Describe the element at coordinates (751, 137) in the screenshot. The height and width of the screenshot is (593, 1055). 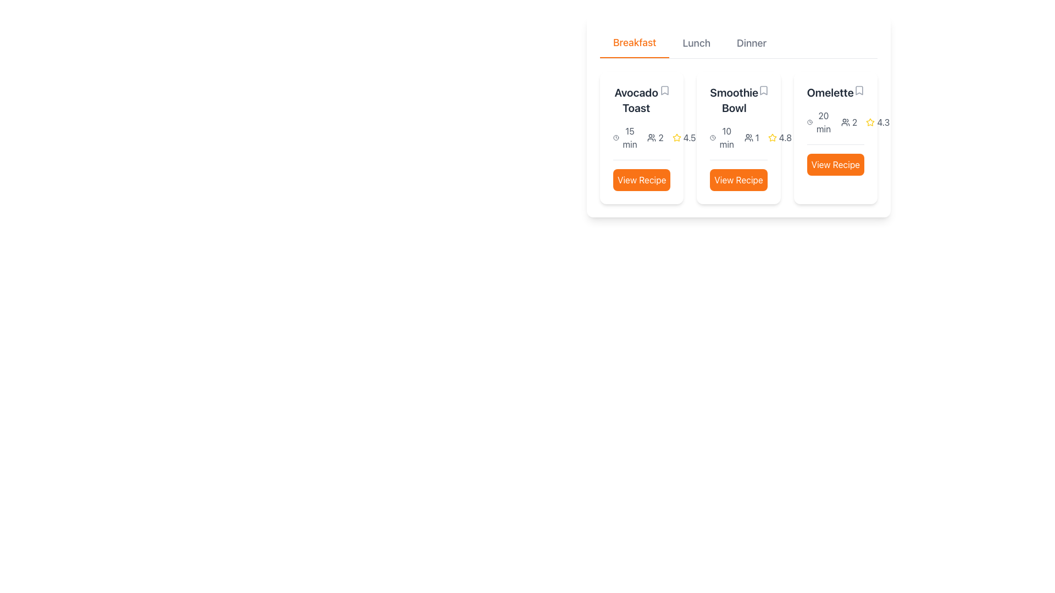
I see `informational text indicating the number of people associated with the 'Smoothie Bowl' recipe, which displays '1'` at that location.